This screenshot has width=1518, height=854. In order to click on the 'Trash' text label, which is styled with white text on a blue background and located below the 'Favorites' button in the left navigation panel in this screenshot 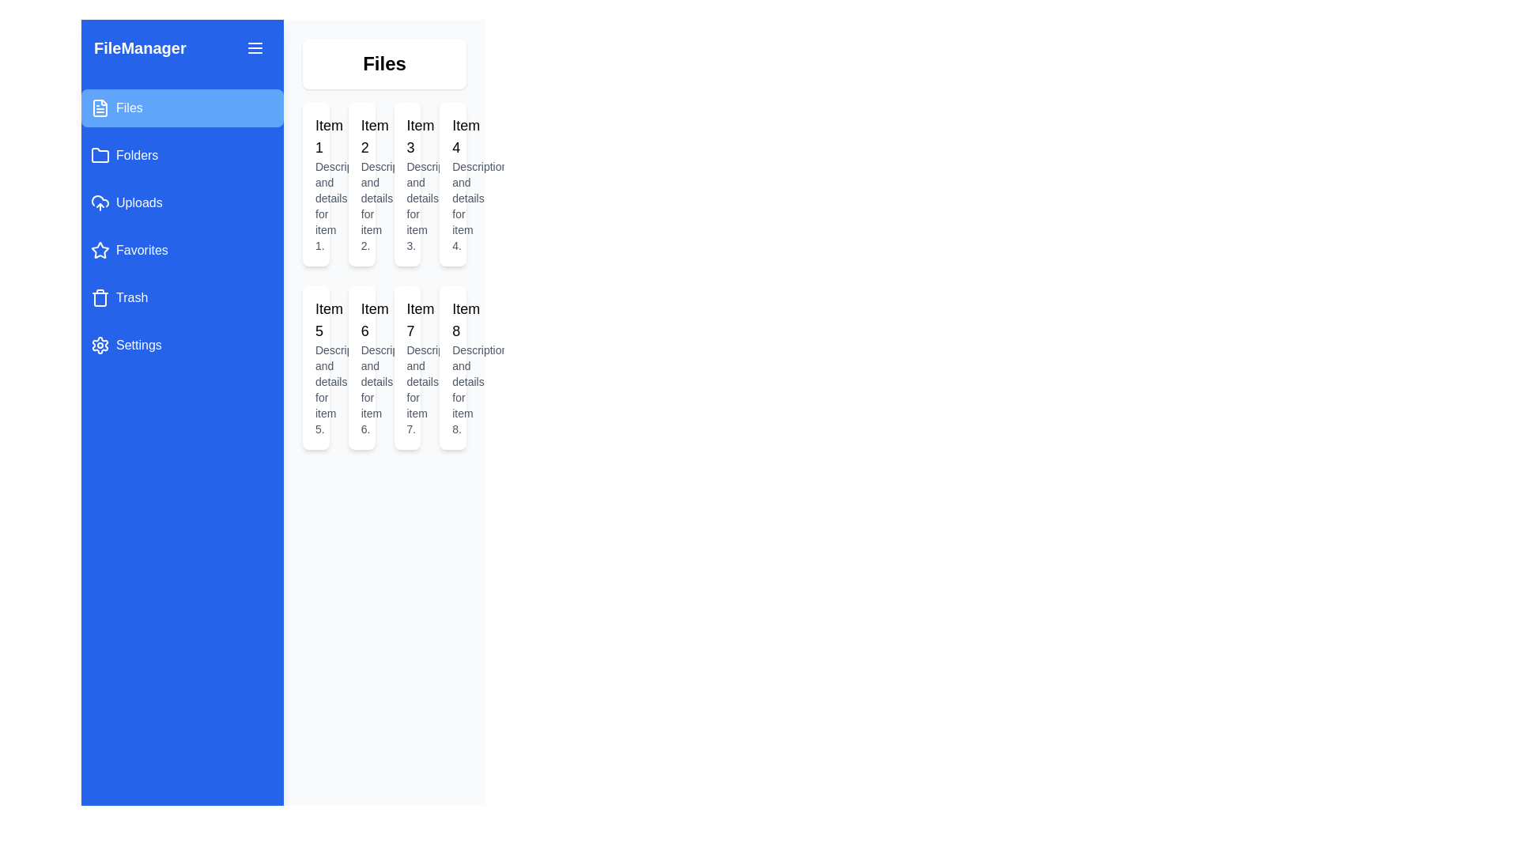, I will do `click(132, 298)`.